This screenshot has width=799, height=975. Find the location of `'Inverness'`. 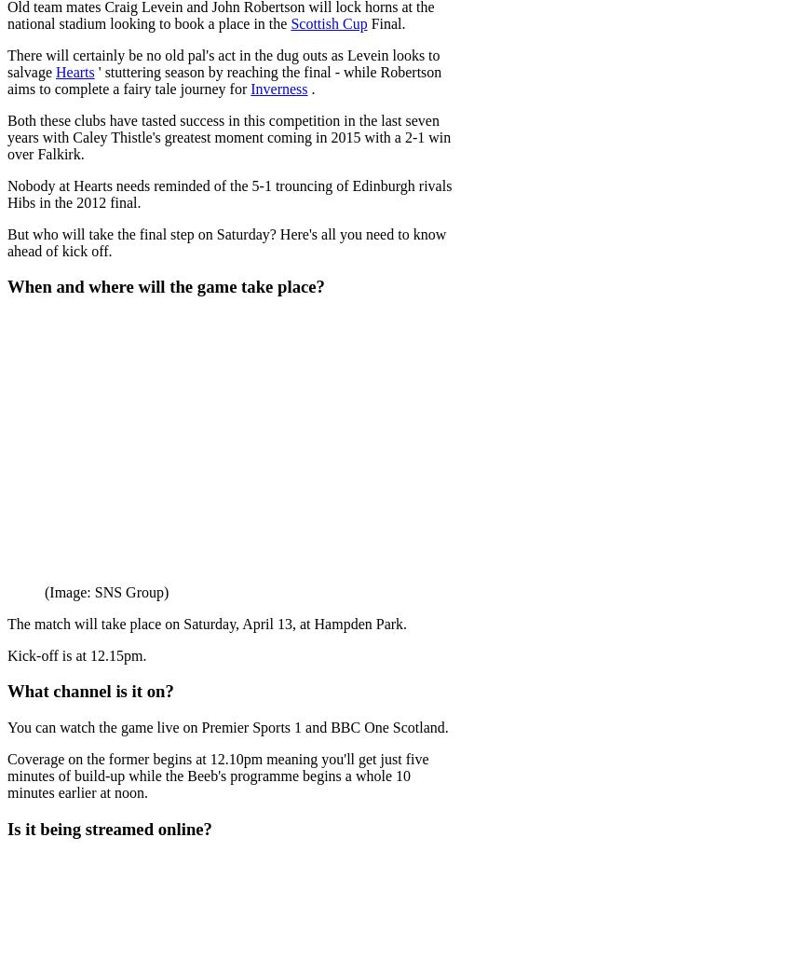

'Inverness' is located at coordinates (278, 88).